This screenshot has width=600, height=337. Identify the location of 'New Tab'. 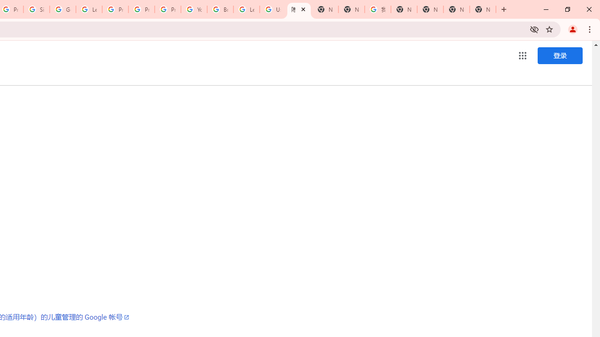
(483, 9).